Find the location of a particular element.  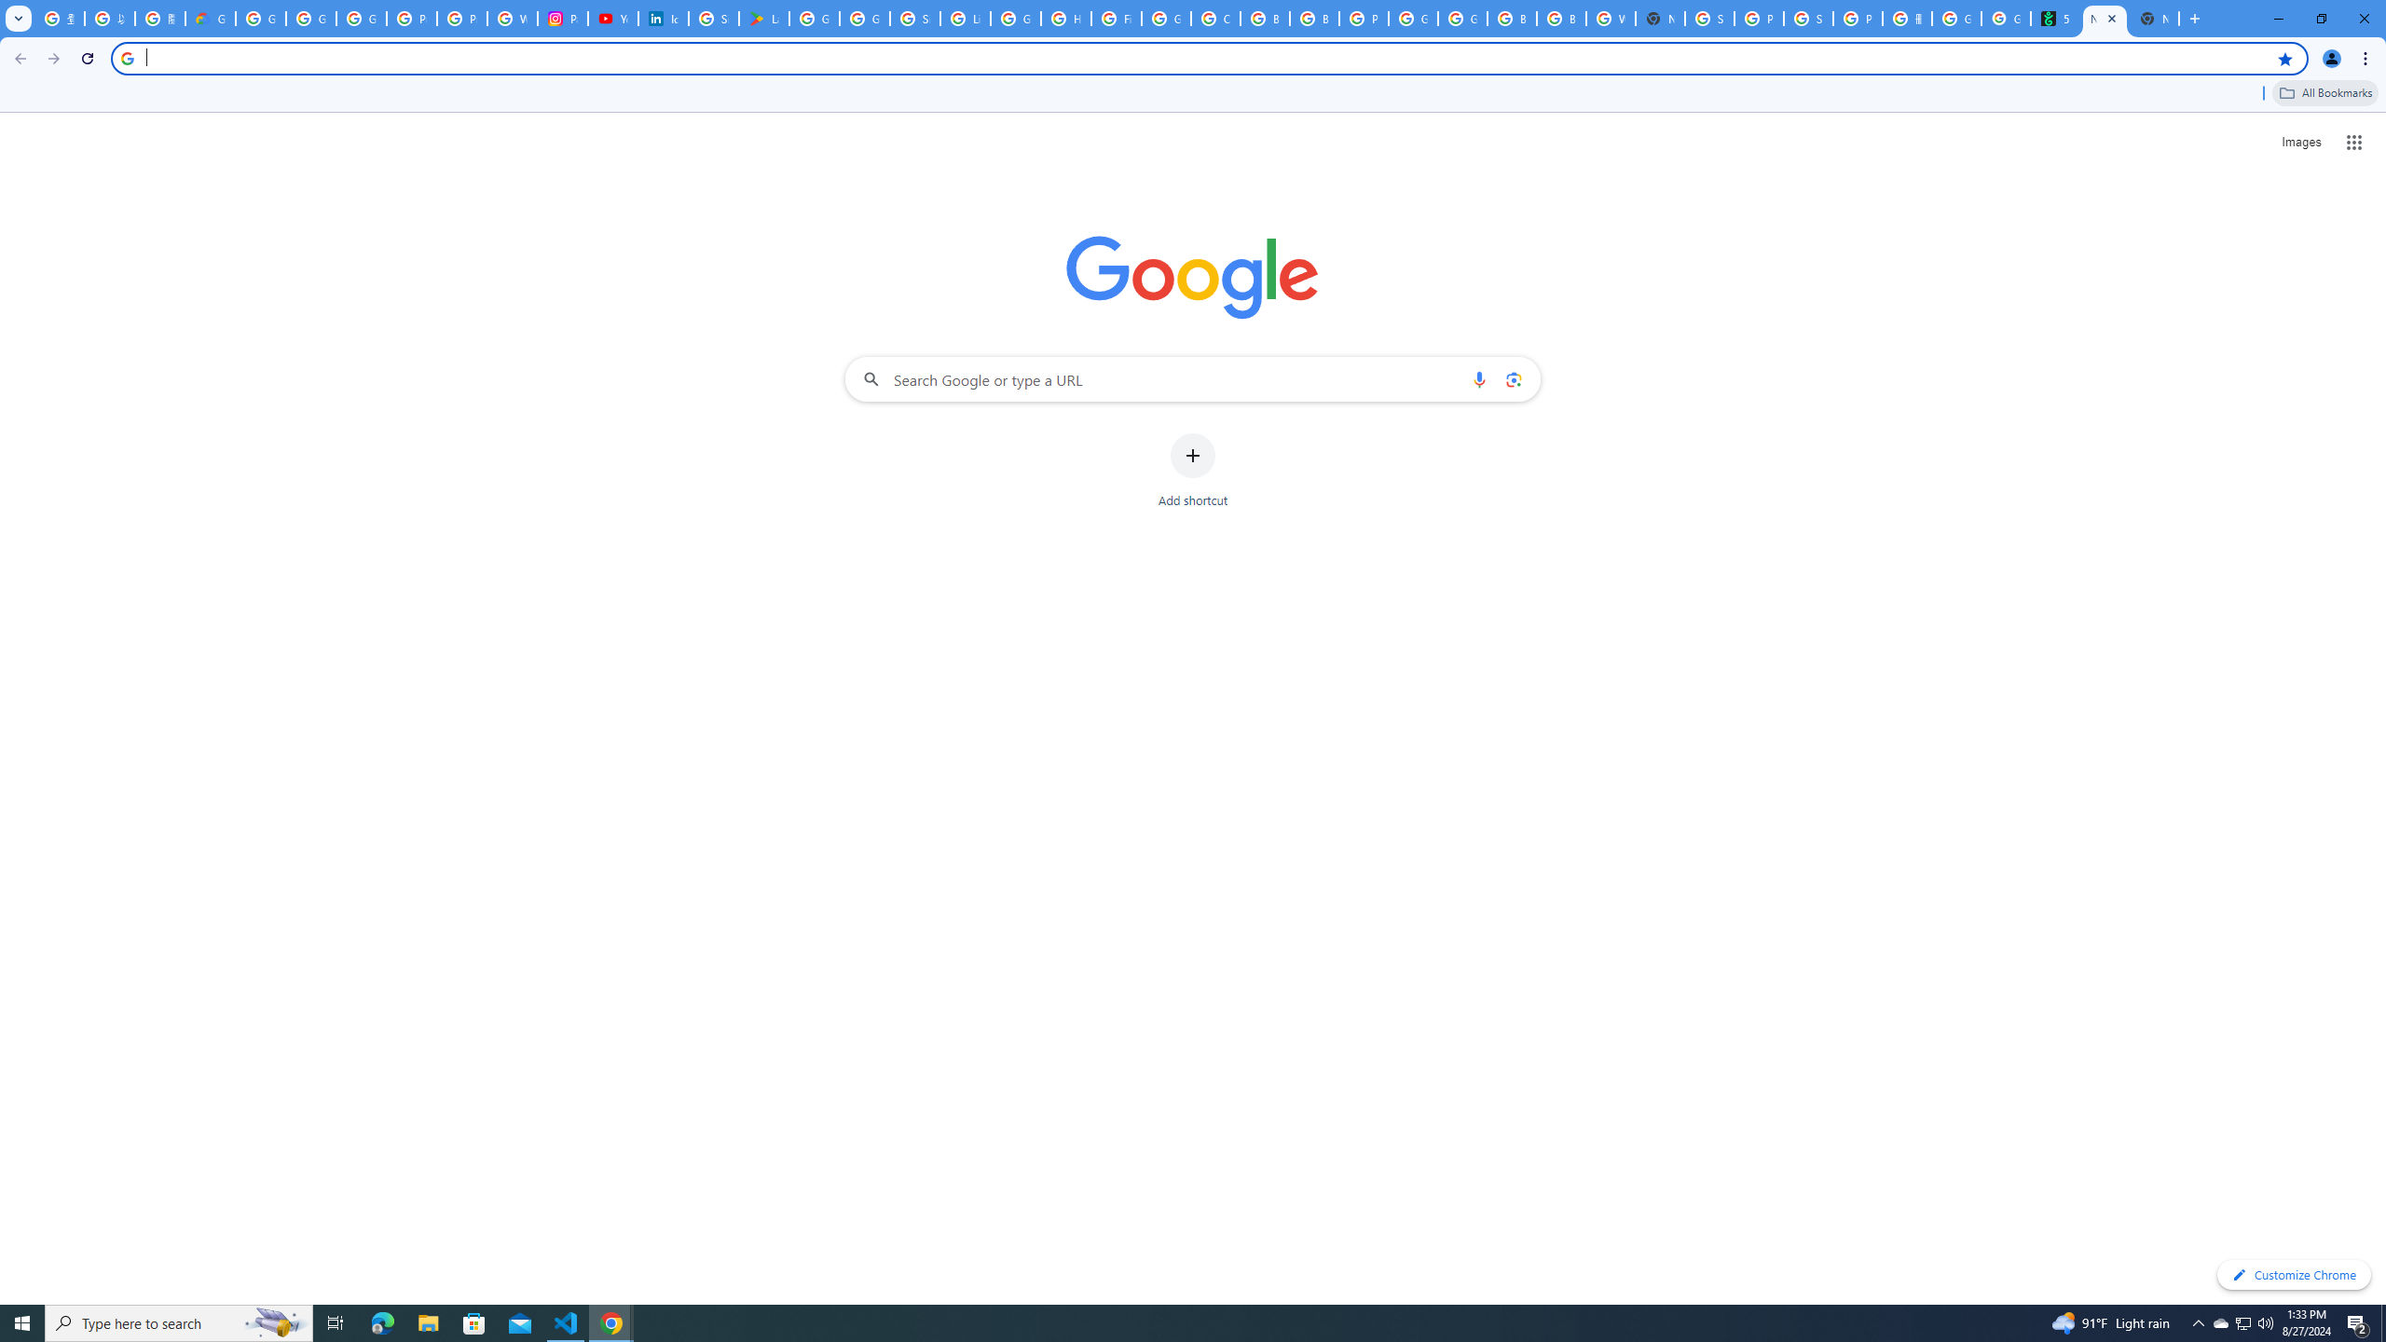

'How do I create a new Google Account? - Google Account Help' is located at coordinates (1066, 18).